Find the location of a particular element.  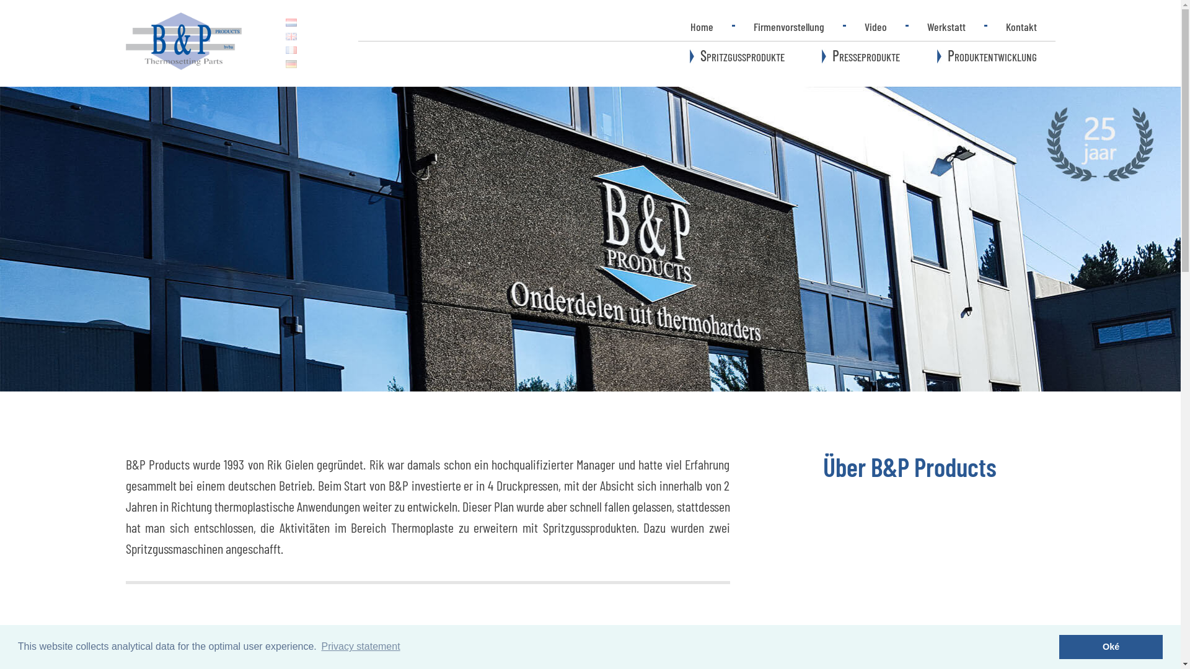

'Home' is located at coordinates (671, 26).